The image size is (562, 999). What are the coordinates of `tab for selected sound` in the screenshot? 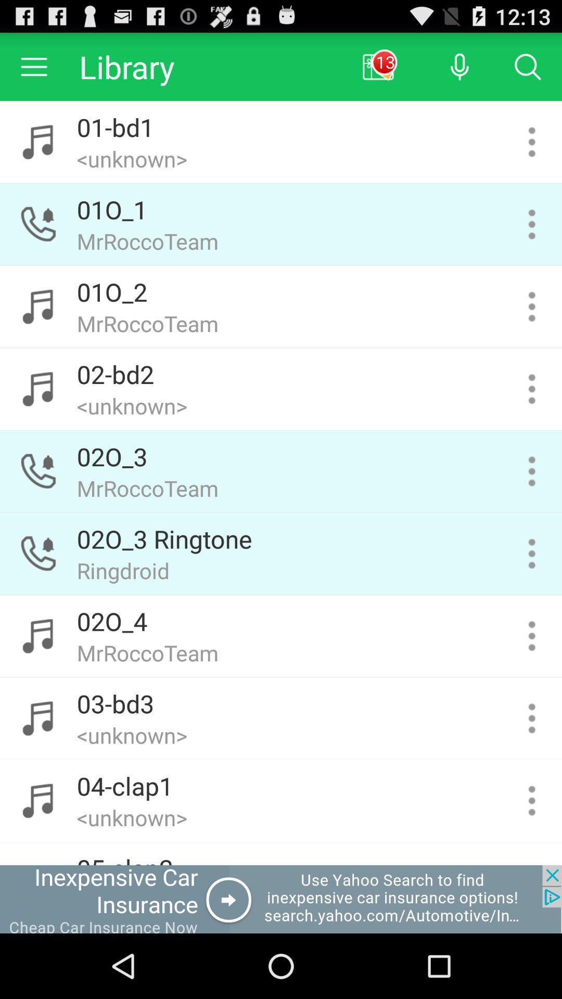 It's located at (532, 800).